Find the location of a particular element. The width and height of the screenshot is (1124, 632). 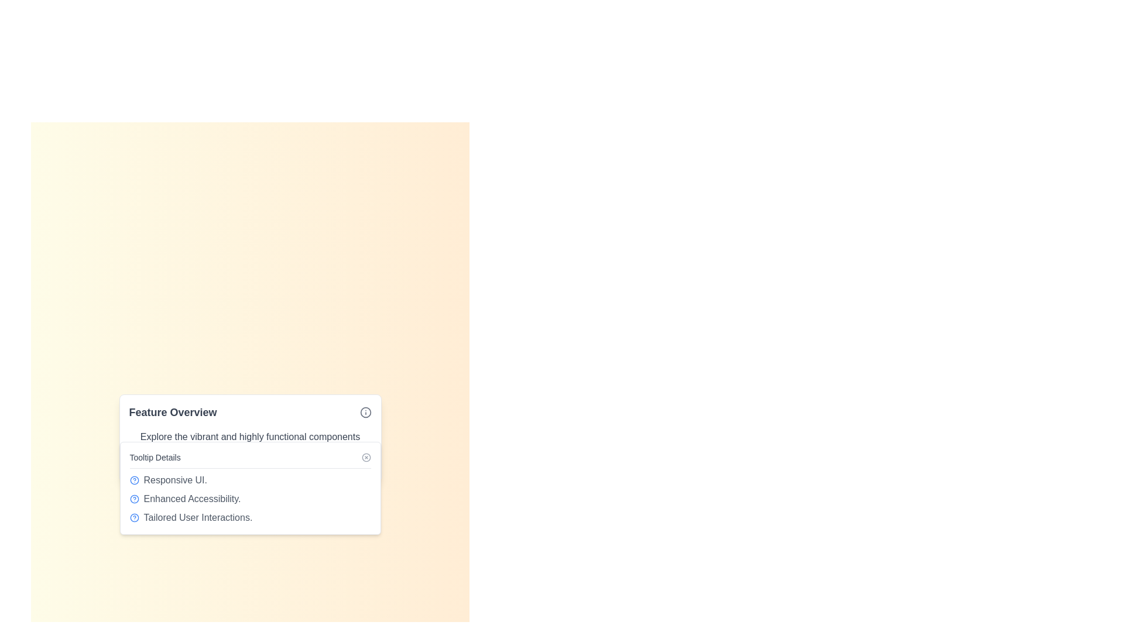

the circle icon located near the top-right corner of the tooltip box displaying the title 'Feature Overview' is located at coordinates (365, 412).